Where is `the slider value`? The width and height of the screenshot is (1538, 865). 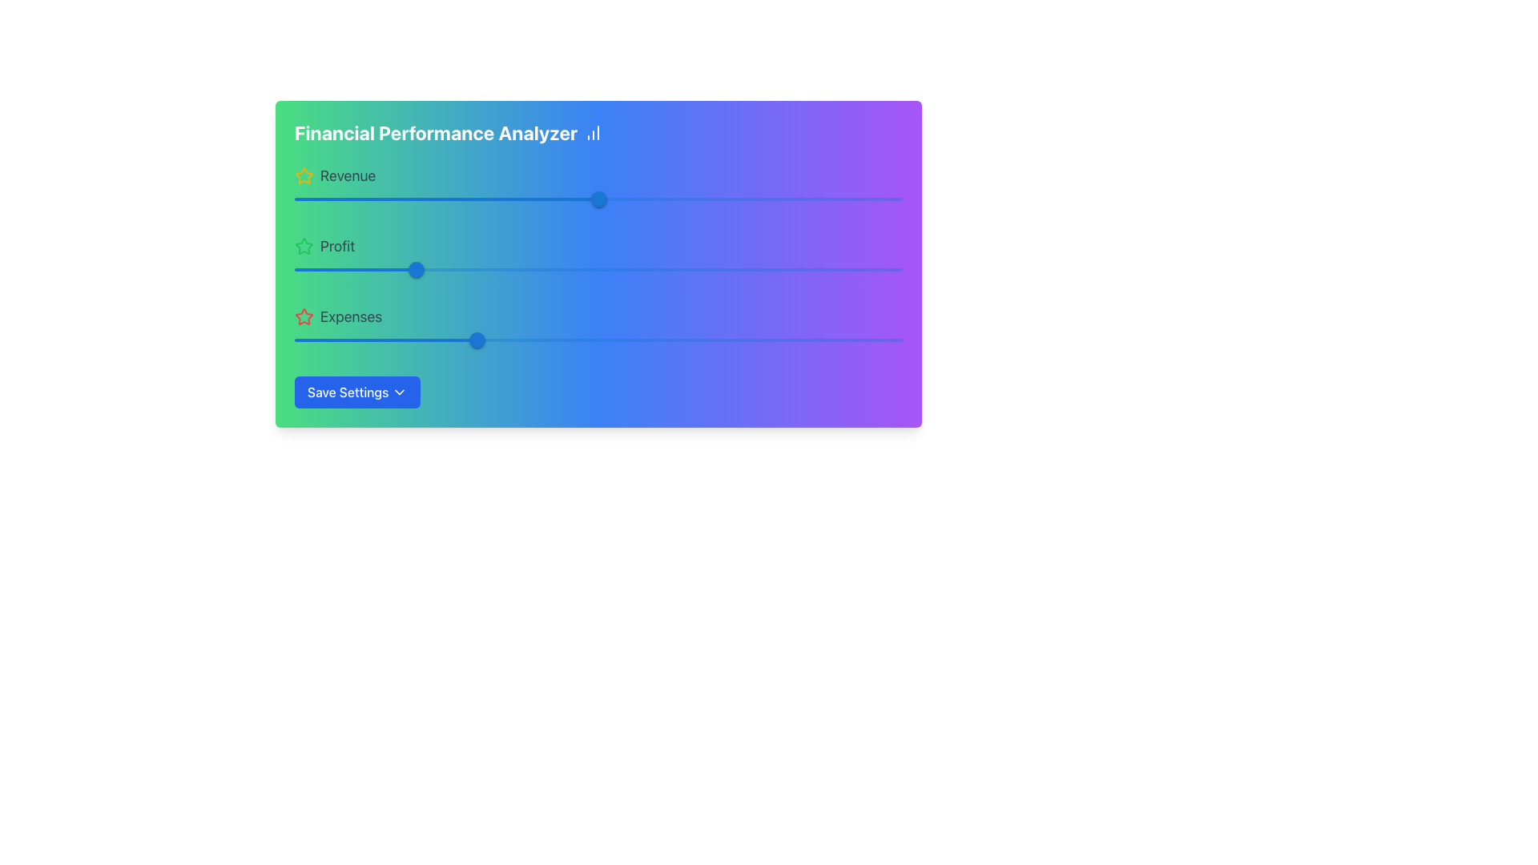 the slider value is located at coordinates (590, 199).